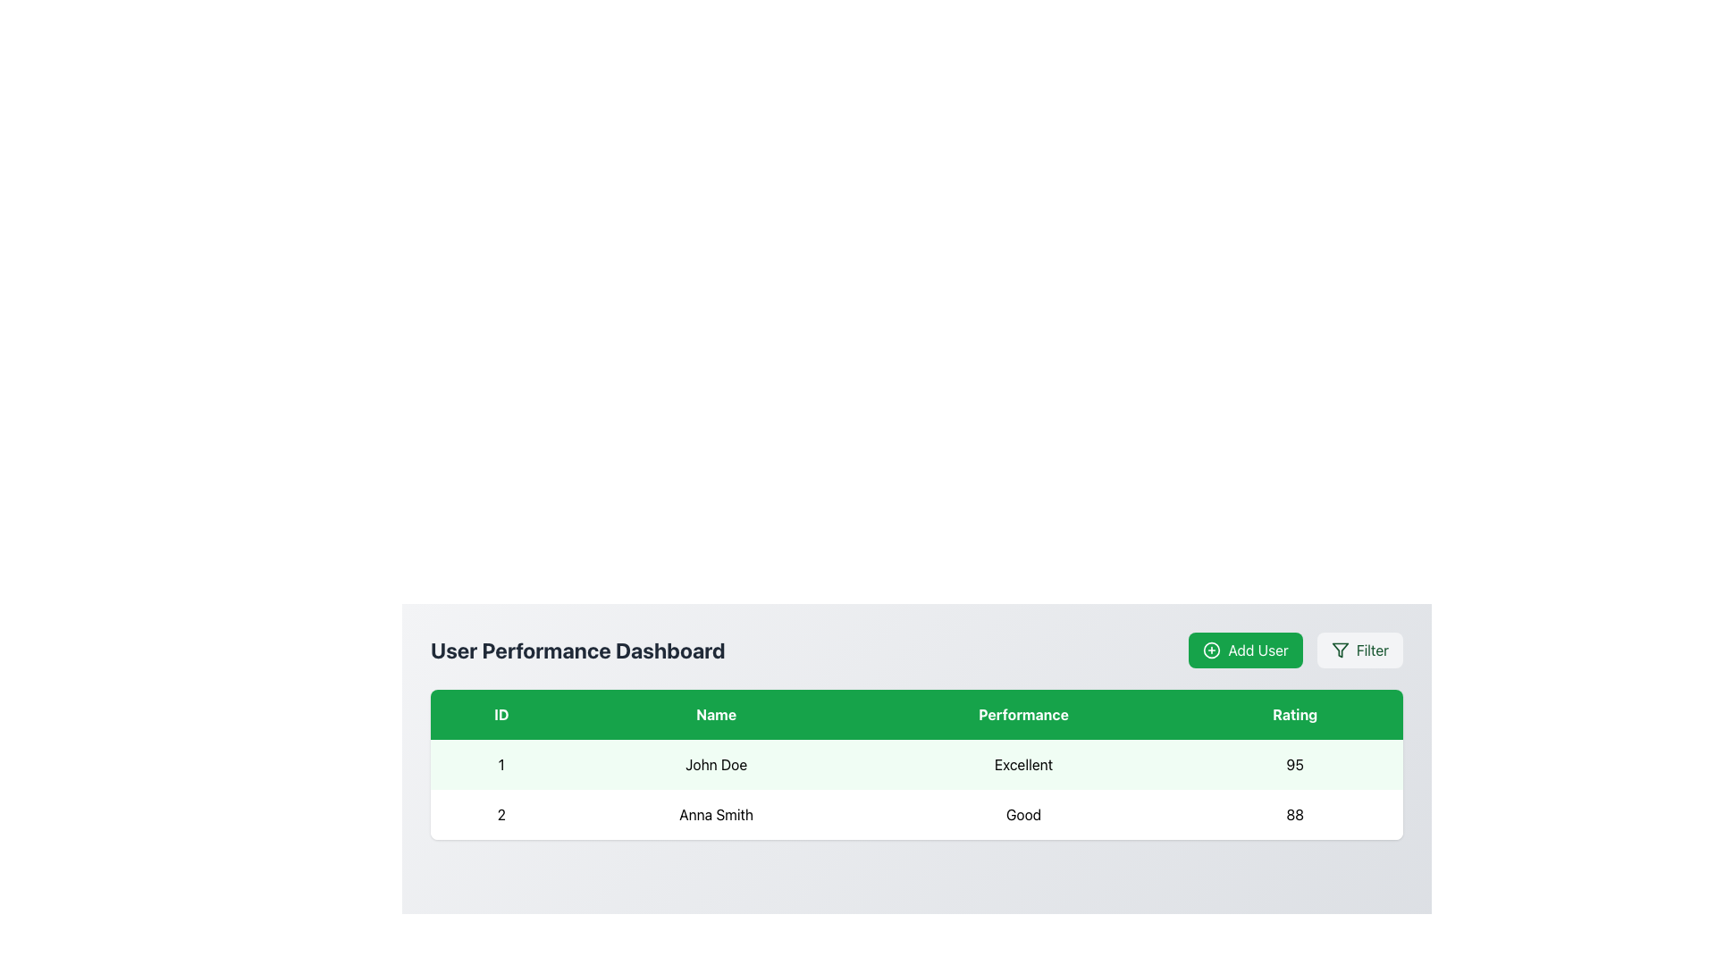  What do you see at coordinates (1340, 650) in the screenshot?
I see `the filter icon located within the 'Filter' button` at bounding box center [1340, 650].